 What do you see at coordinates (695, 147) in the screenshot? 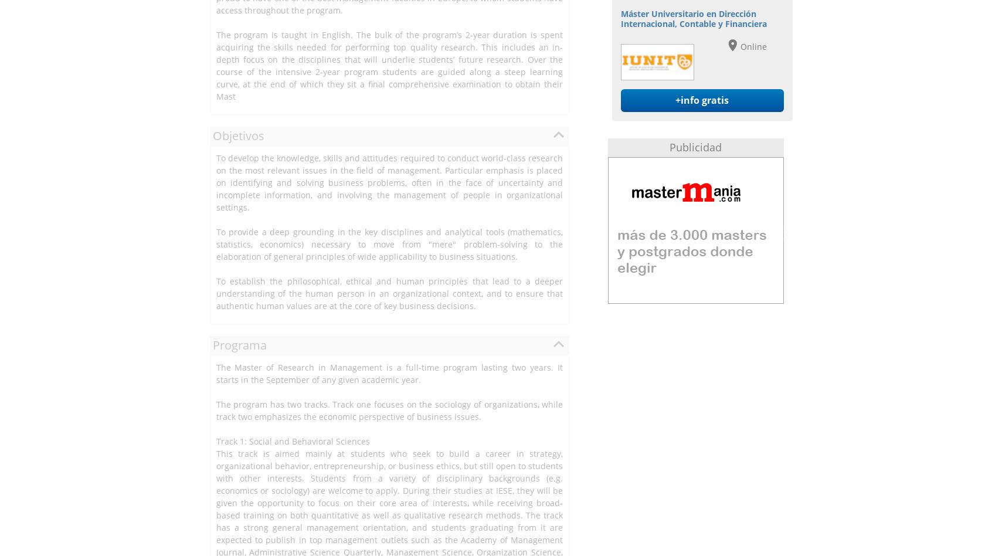
I see `'Publicidad'` at bounding box center [695, 147].